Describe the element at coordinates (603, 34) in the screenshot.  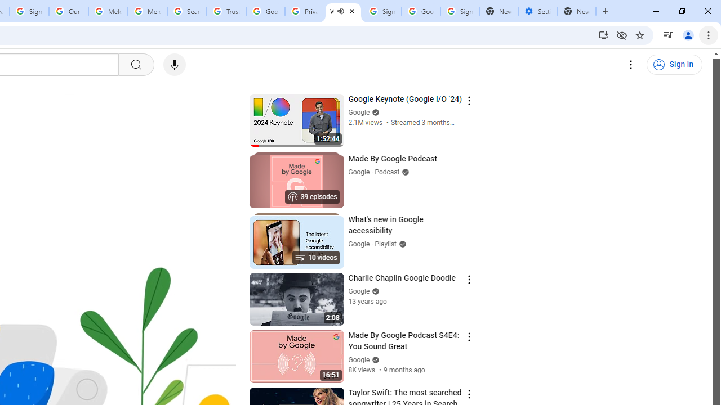
I see `'Install YouTube'` at that location.